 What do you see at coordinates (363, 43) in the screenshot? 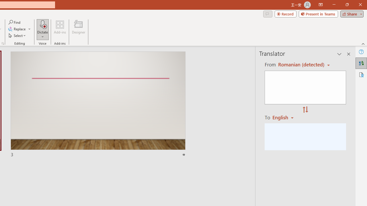
I see `'Collapse the Ribbon'` at bounding box center [363, 43].